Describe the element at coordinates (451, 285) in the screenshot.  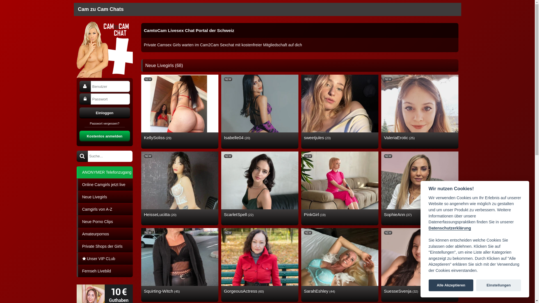
I see `'Alle Akzeptieren'` at that location.